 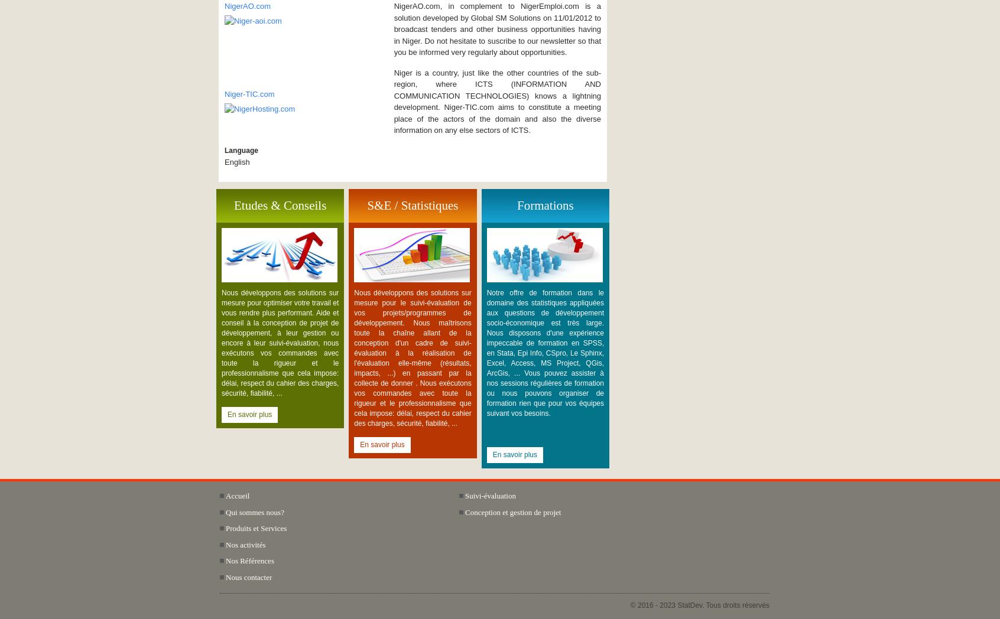 I want to click on 'S&E / Statistiques', so click(x=366, y=204).